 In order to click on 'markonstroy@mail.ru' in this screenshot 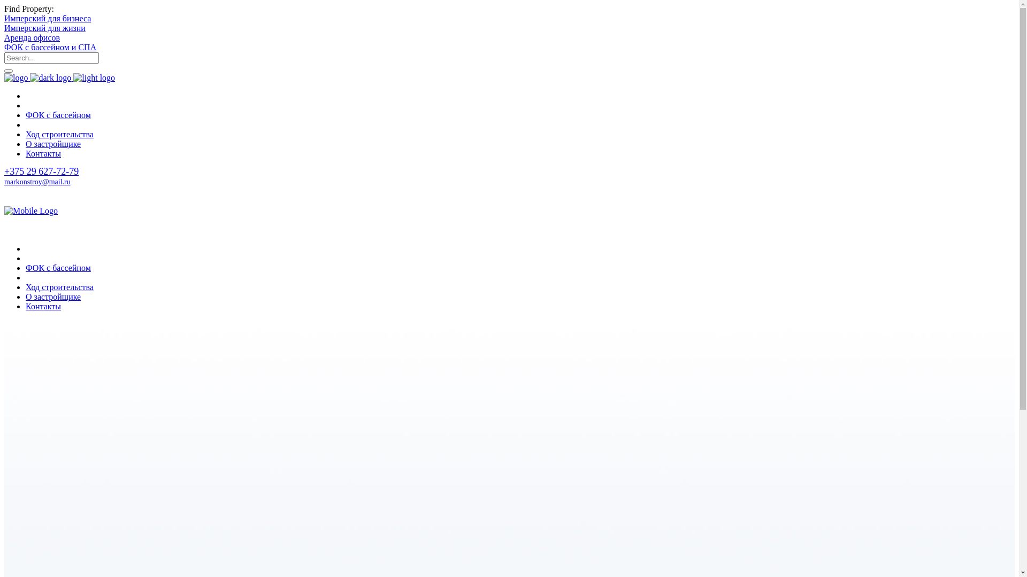, I will do `click(37, 181)`.